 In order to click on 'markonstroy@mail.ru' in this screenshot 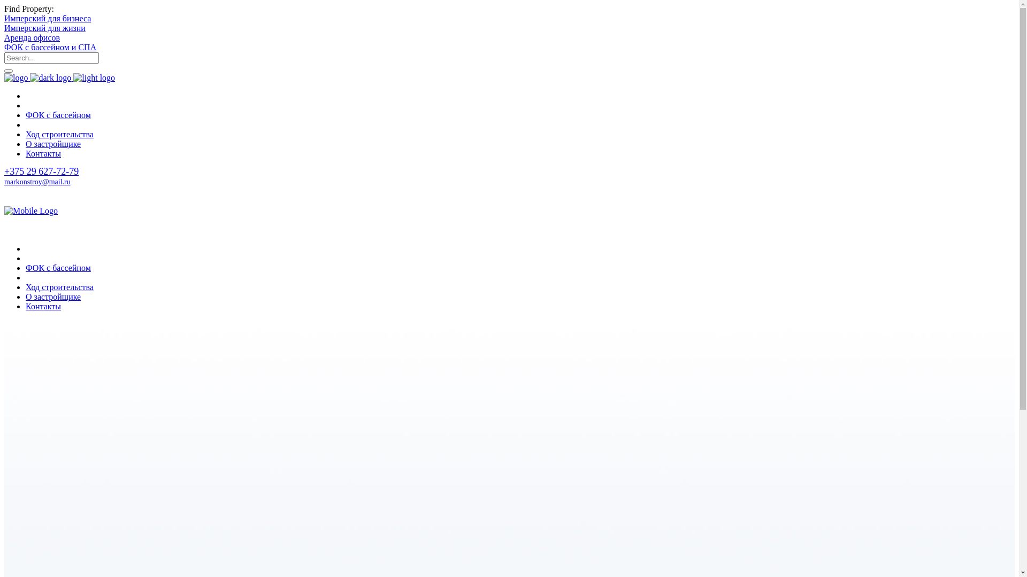, I will do `click(37, 181)`.